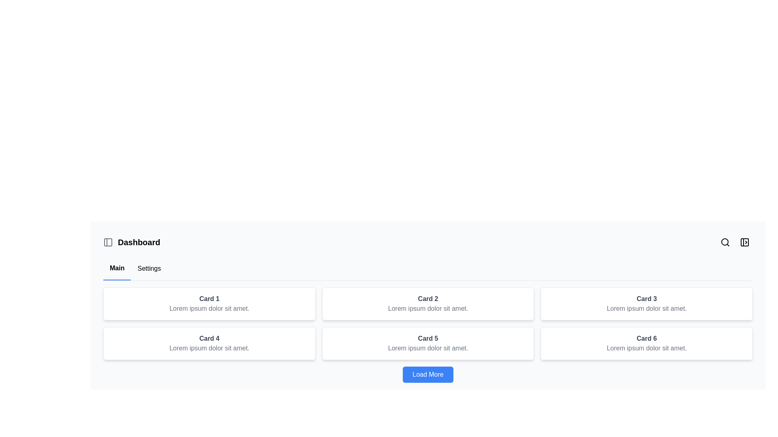  What do you see at coordinates (646, 304) in the screenshot?
I see `text inside the Card labeled 'Card 3' located in the top-right corner of the grid's first row` at bounding box center [646, 304].